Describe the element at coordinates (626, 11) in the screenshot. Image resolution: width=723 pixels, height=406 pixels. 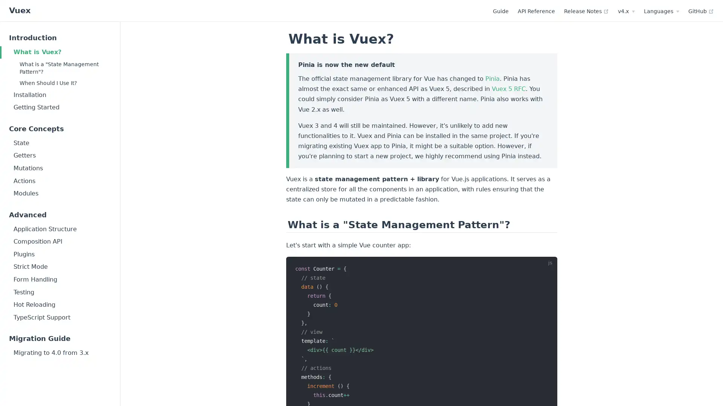
I see `v4.x` at that location.